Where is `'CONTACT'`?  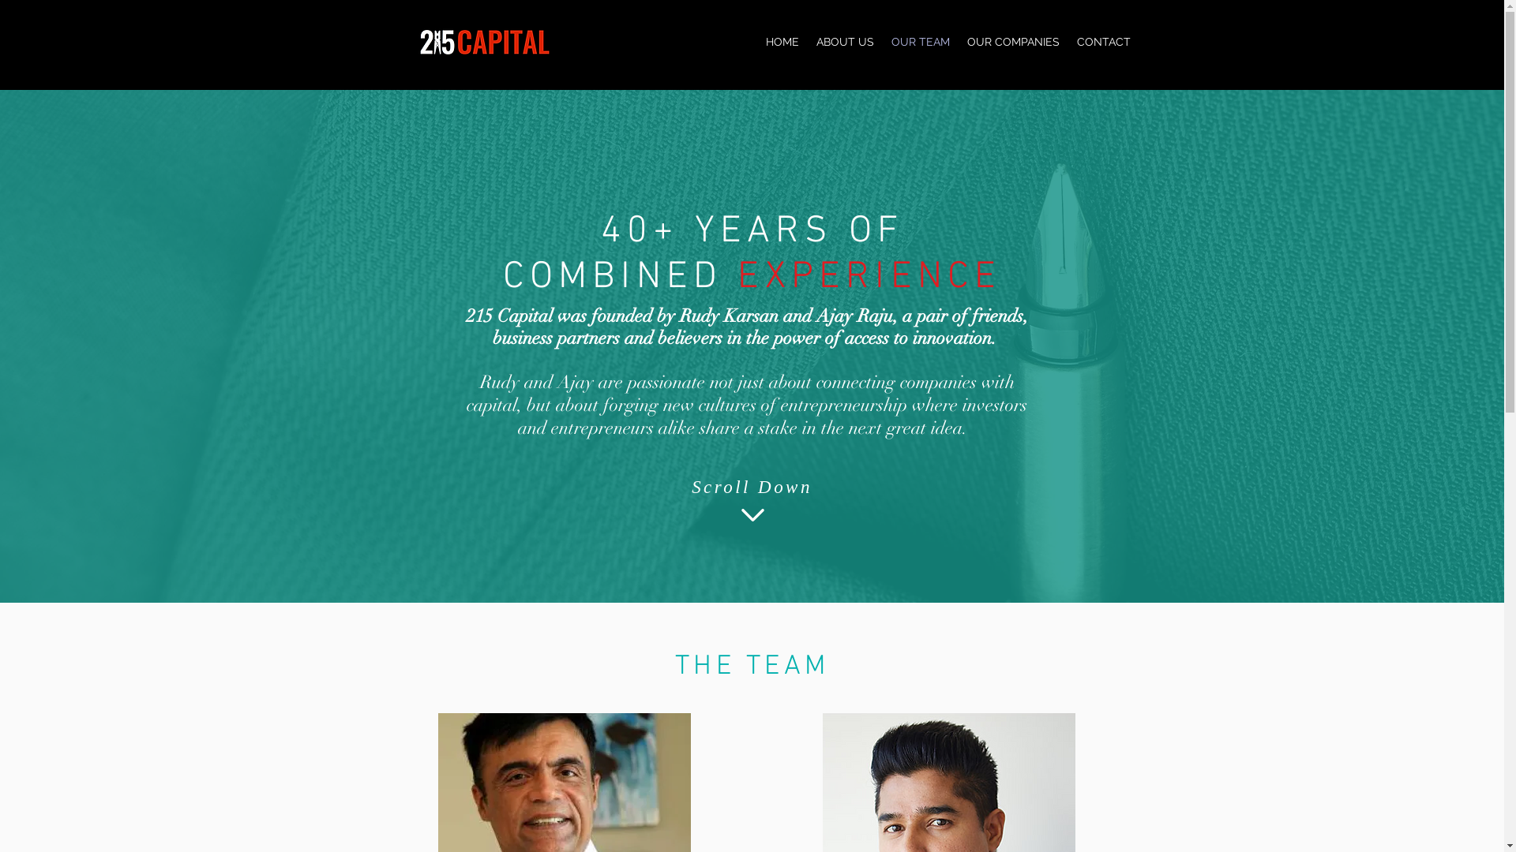
'CONTACT' is located at coordinates (1101, 41).